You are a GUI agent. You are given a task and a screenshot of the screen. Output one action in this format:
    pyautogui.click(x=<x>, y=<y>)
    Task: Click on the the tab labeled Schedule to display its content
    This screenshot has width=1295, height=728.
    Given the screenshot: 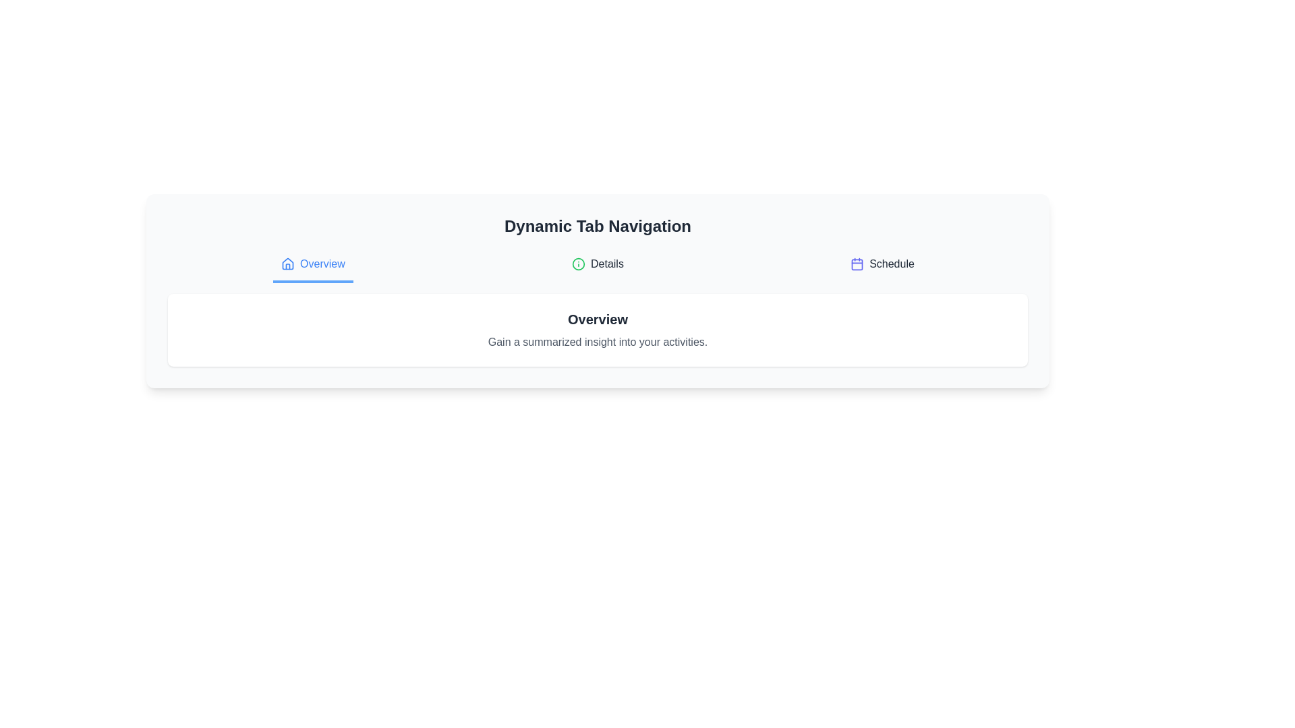 What is the action you would take?
    pyautogui.click(x=882, y=265)
    